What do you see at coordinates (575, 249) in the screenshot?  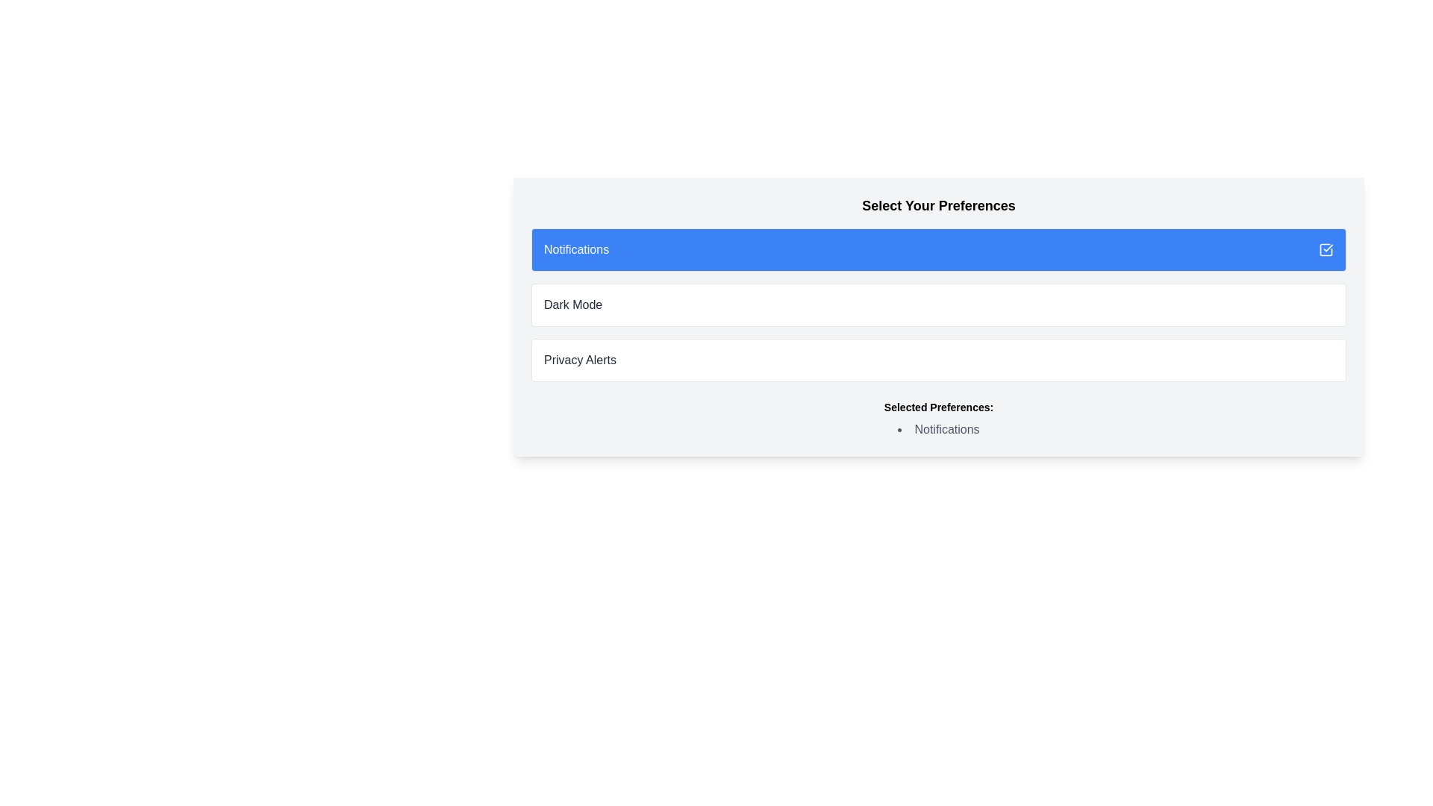 I see `the 'Notifications' text label, which is styled in white font on a blue background` at bounding box center [575, 249].